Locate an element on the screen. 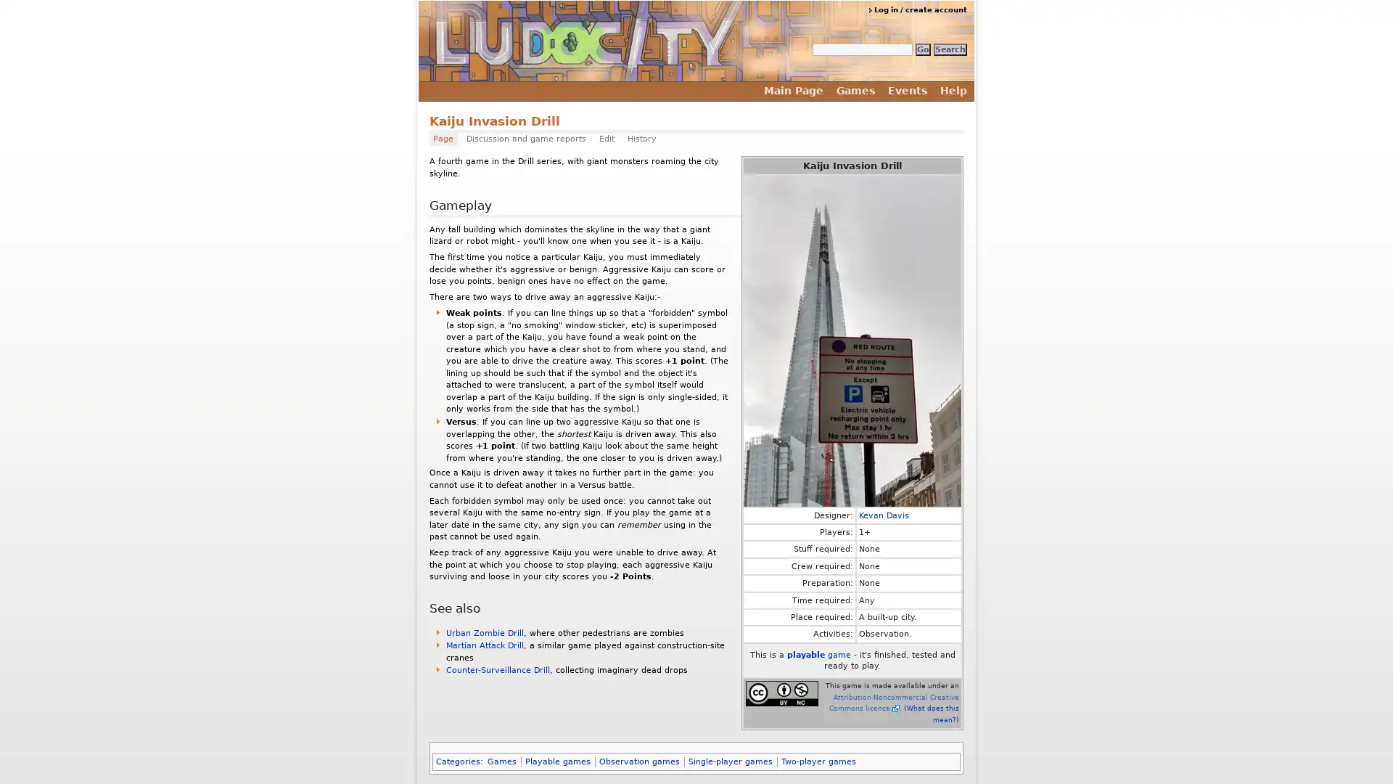 This screenshot has width=1393, height=784. Search is located at coordinates (950, 49).